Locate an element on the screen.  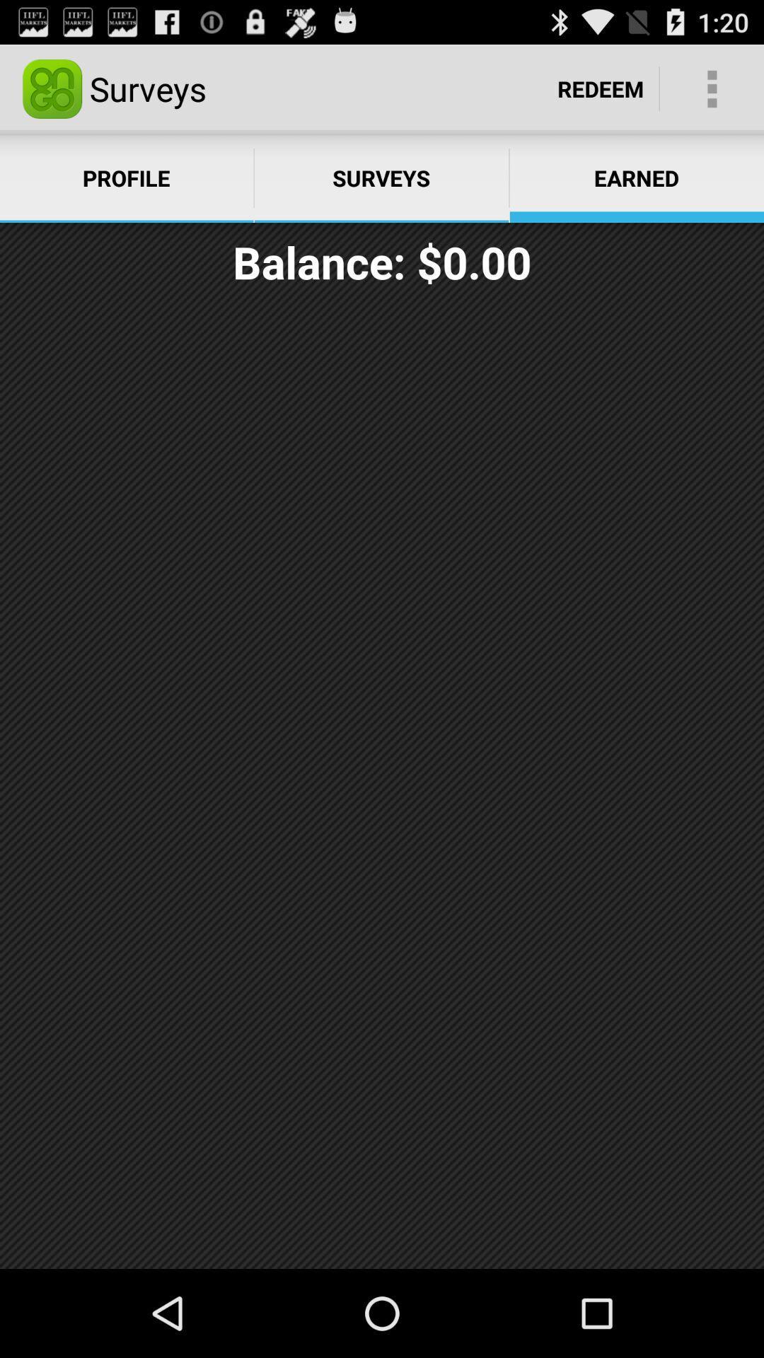
icon next to the surveys icon is located at coordinates (601, 88).